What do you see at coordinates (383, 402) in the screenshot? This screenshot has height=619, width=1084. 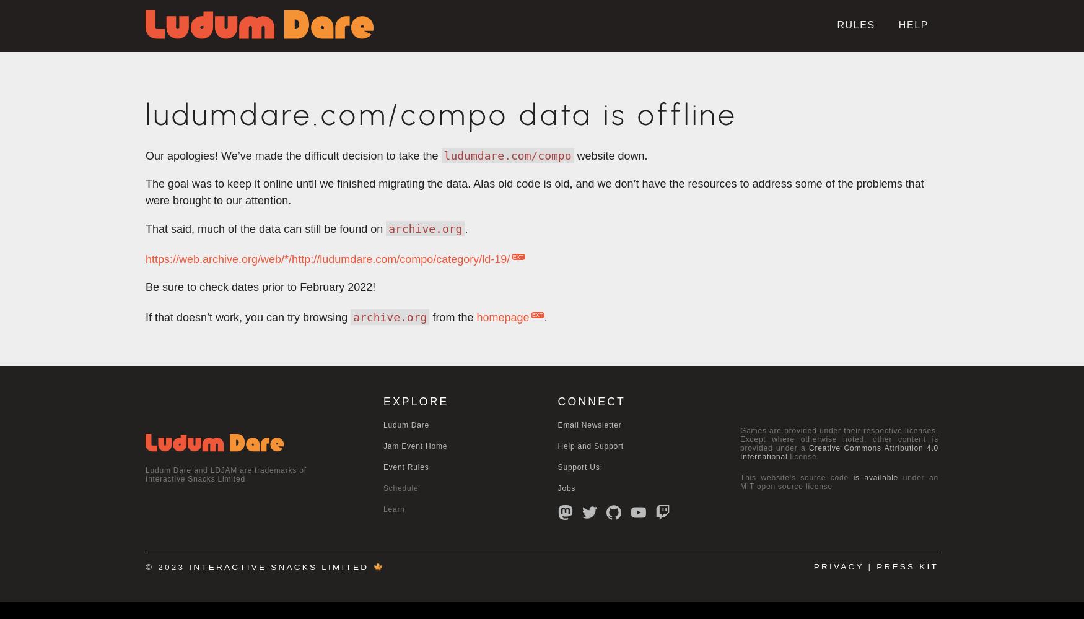 I see `'EXPLORE'` at bounding box center [383, 402].